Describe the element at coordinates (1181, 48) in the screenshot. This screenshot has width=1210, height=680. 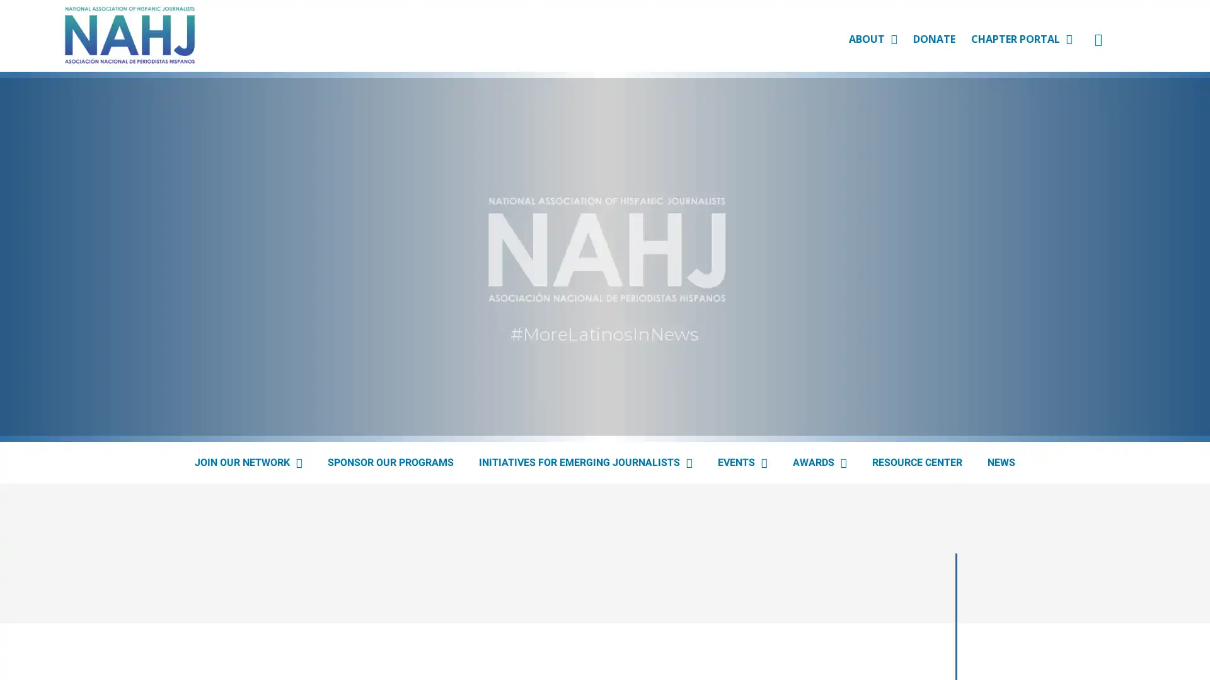
I see `Close search form` at that location.